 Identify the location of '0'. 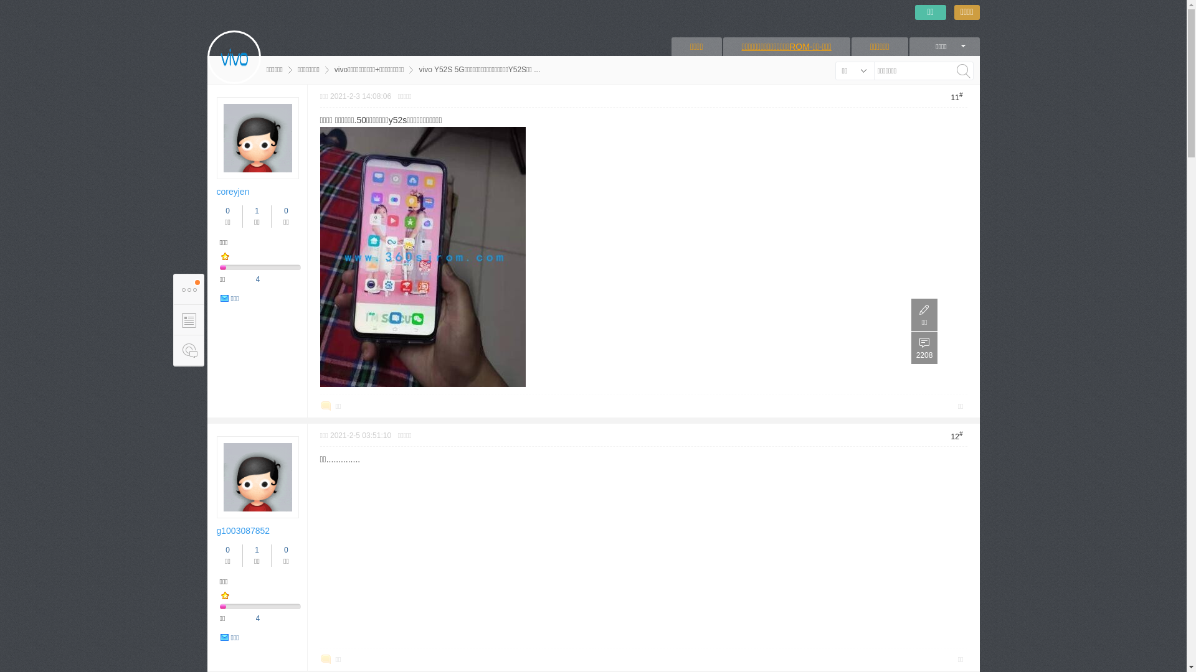
(285, 210).